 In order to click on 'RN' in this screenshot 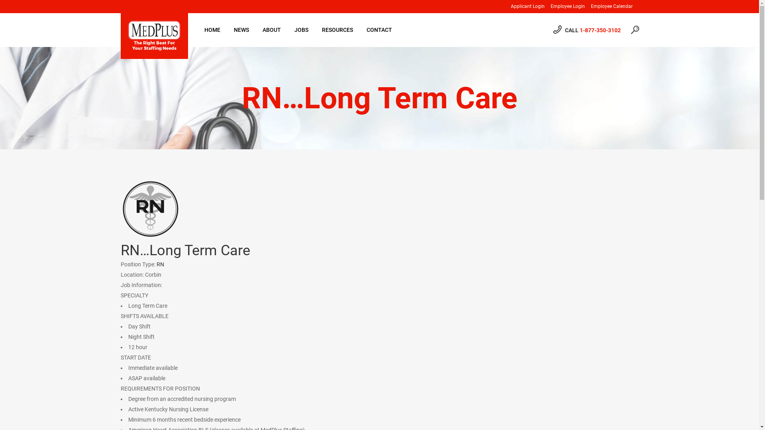, I will do `click(156, 264)`.